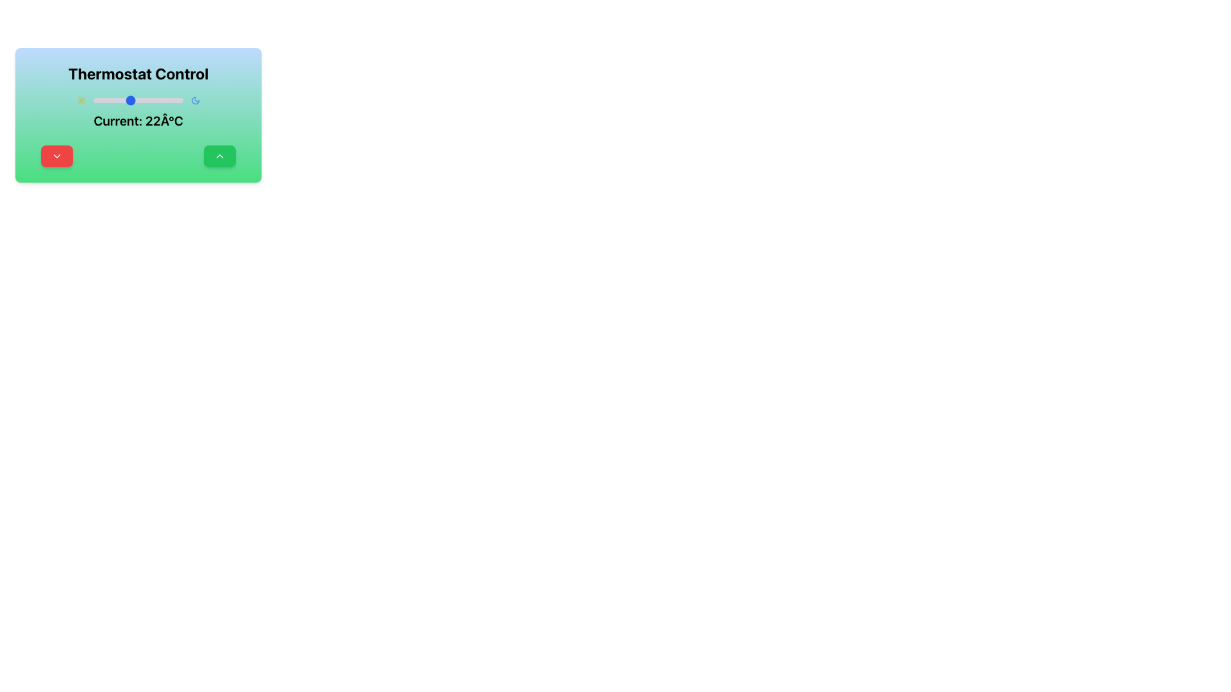 The height and width of the screenshot is (692, 1231). What do you see at coordinates (120, 100) in the screenshot?
I see `temperature` at bounding box center [120, 100].